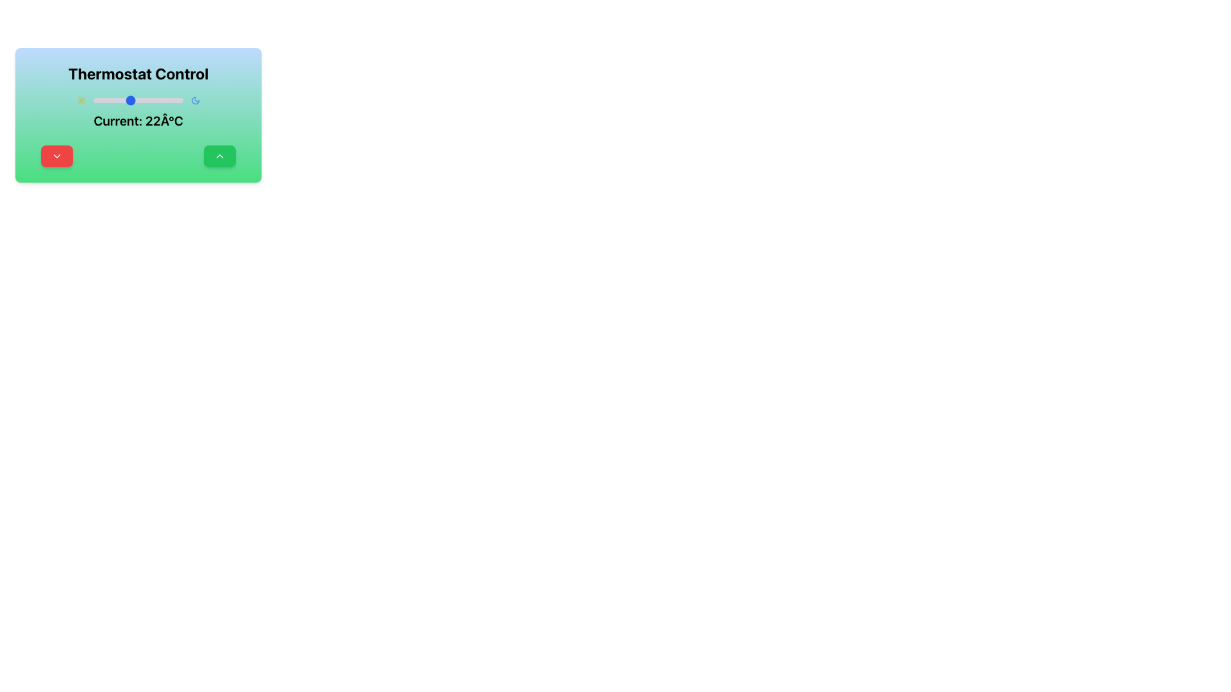 The height and width of the screenshot is (692, 1231). What do you see at coordinates (120, 100) in the screenshot?
I see `temperature` at bounding box center [120, 100].